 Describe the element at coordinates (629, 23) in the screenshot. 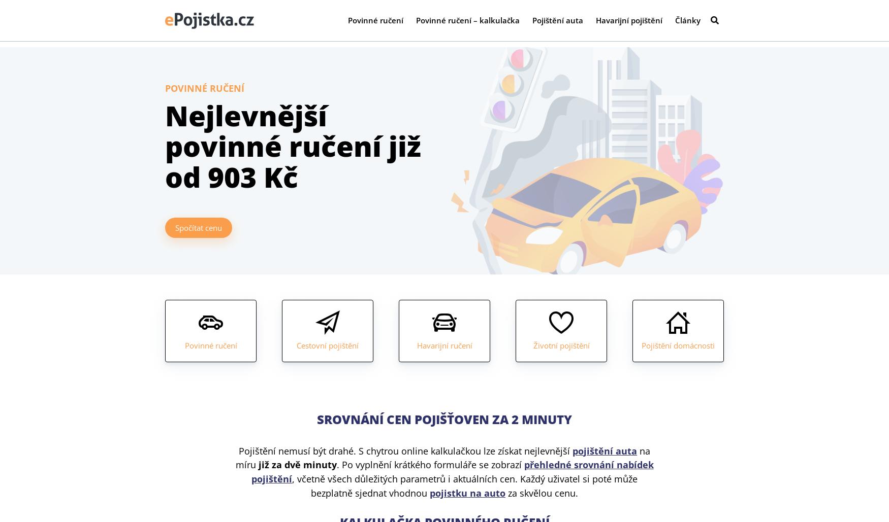

I see `'Havarijní pojištění'` at that location.